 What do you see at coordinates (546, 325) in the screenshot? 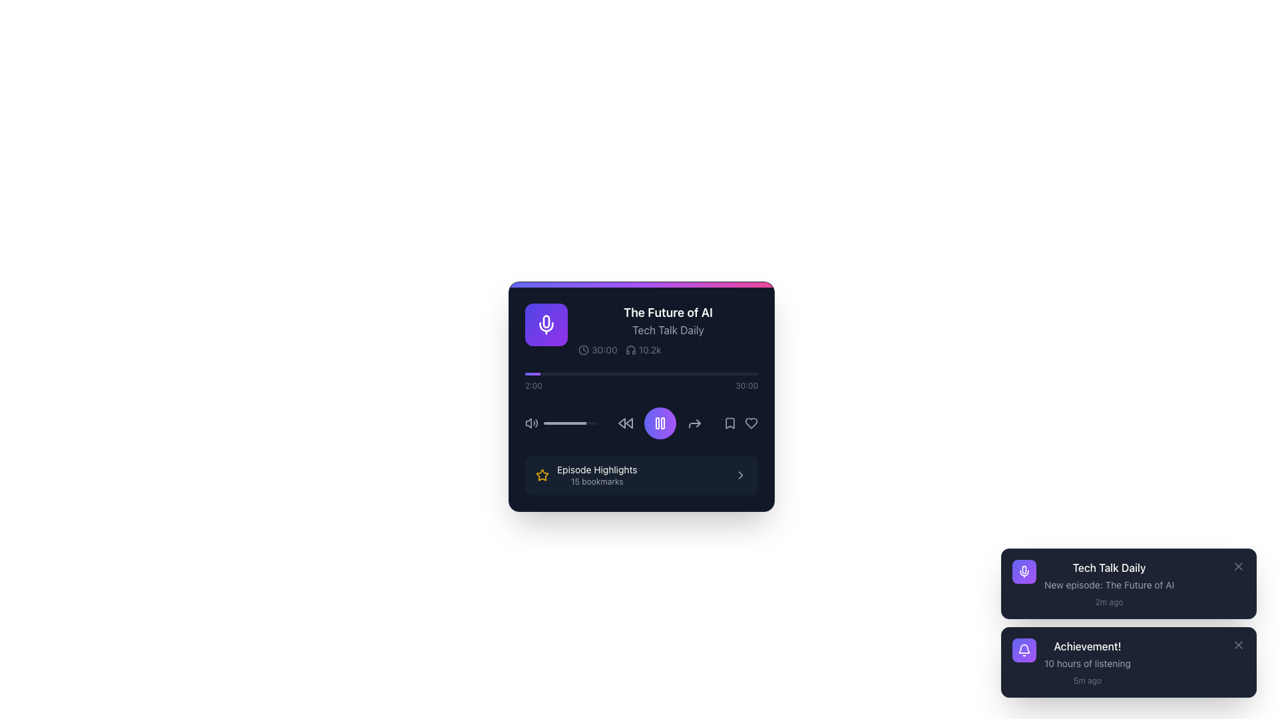
I see `the microphone icon representing audio functionality, located to the left of the title 'The Future of AI' and subtitle 'Tech Talk Daily'` at bounding box center [546, 325].